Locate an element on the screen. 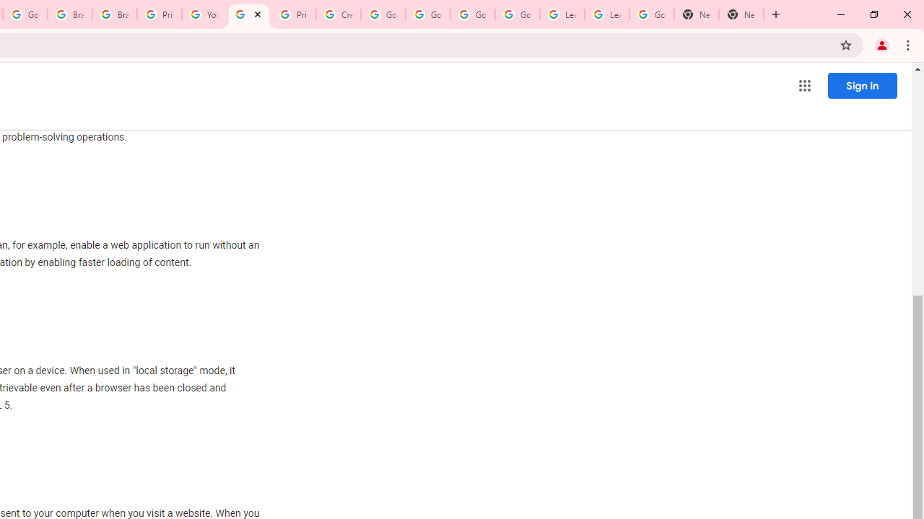  'New Tab' is located at coordinates (697, 14).